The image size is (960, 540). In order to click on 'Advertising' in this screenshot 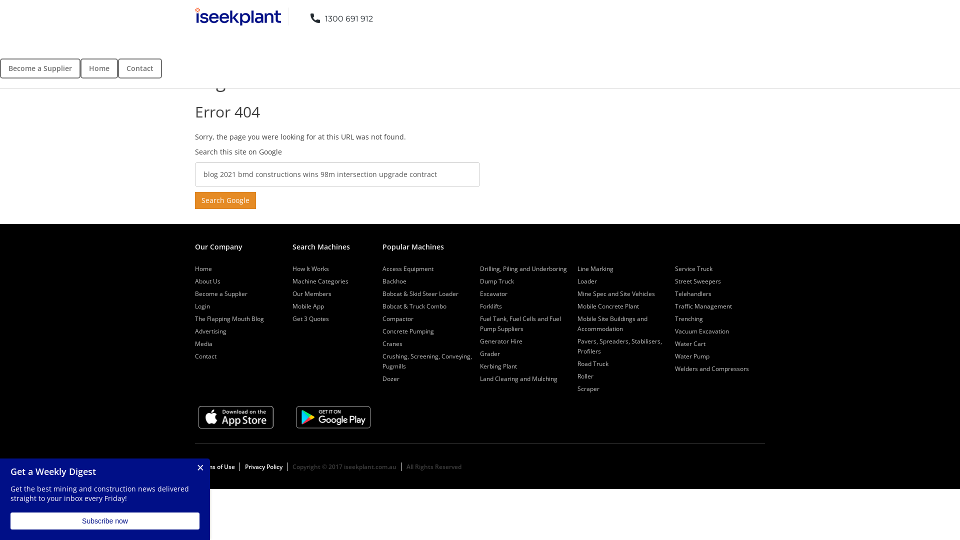, I will do `click(194, 331)`.